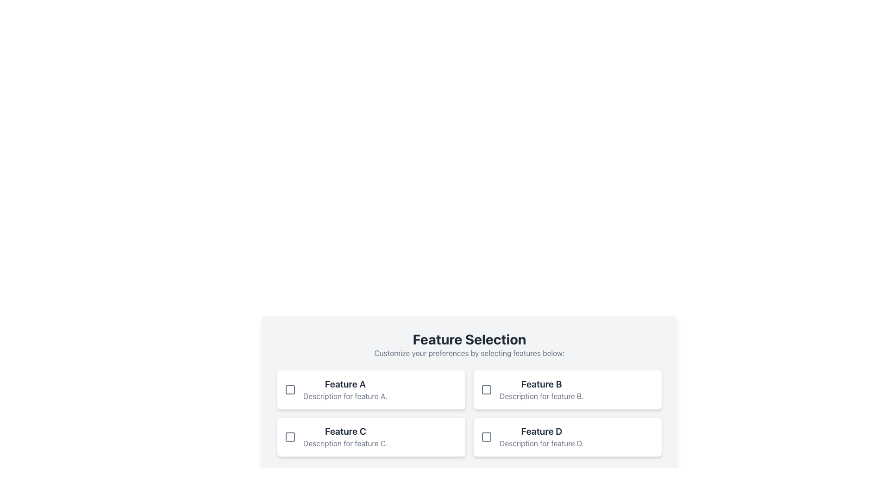 This screenshot has width=889, height=500. I want to click on the checkbox, so click(371, 389).